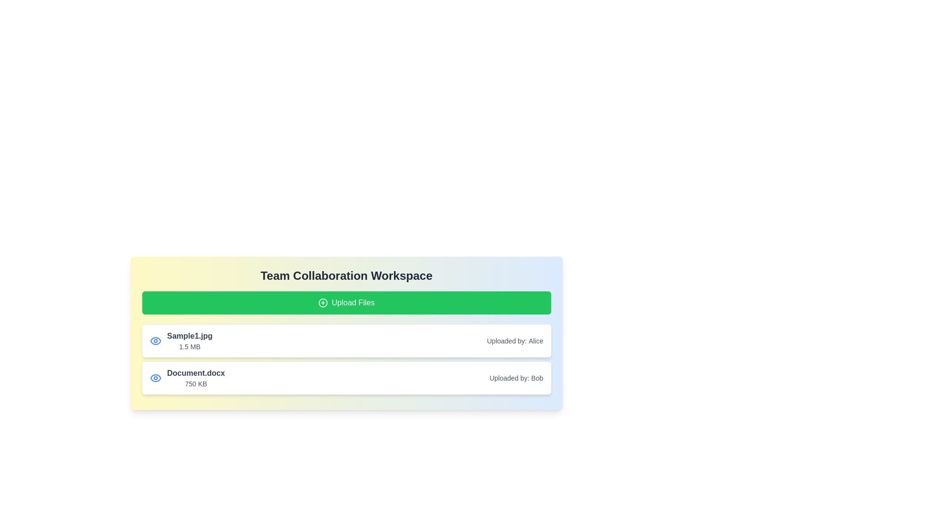  Describe the element at coordinates (155, 377) in the screenshot. I see `the blue eye icon located to the left of 'Document.docx'` at that location.